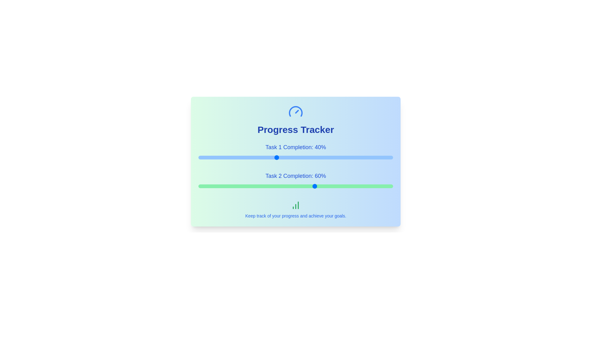 This screenshot has height=337, width=599. I want to click on the progress value, so click(309, 157).